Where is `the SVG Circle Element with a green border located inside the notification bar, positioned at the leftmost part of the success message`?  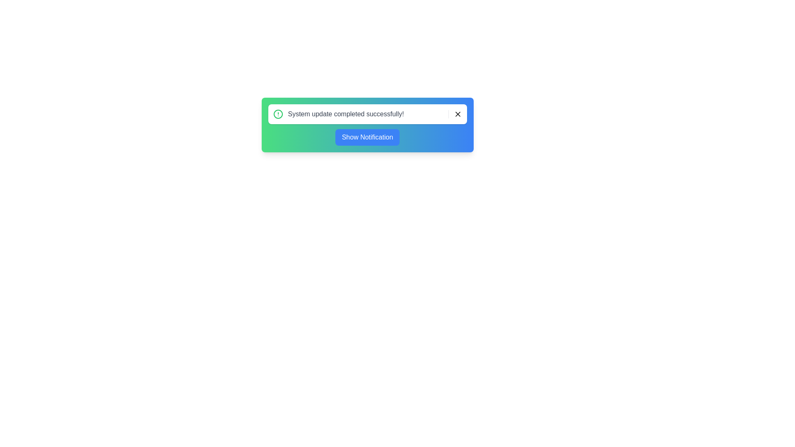
the SVG Circle Element with a green border located inside the notification bar, positioned at the leftmost part of the success message is located at coordinates (278, 114).